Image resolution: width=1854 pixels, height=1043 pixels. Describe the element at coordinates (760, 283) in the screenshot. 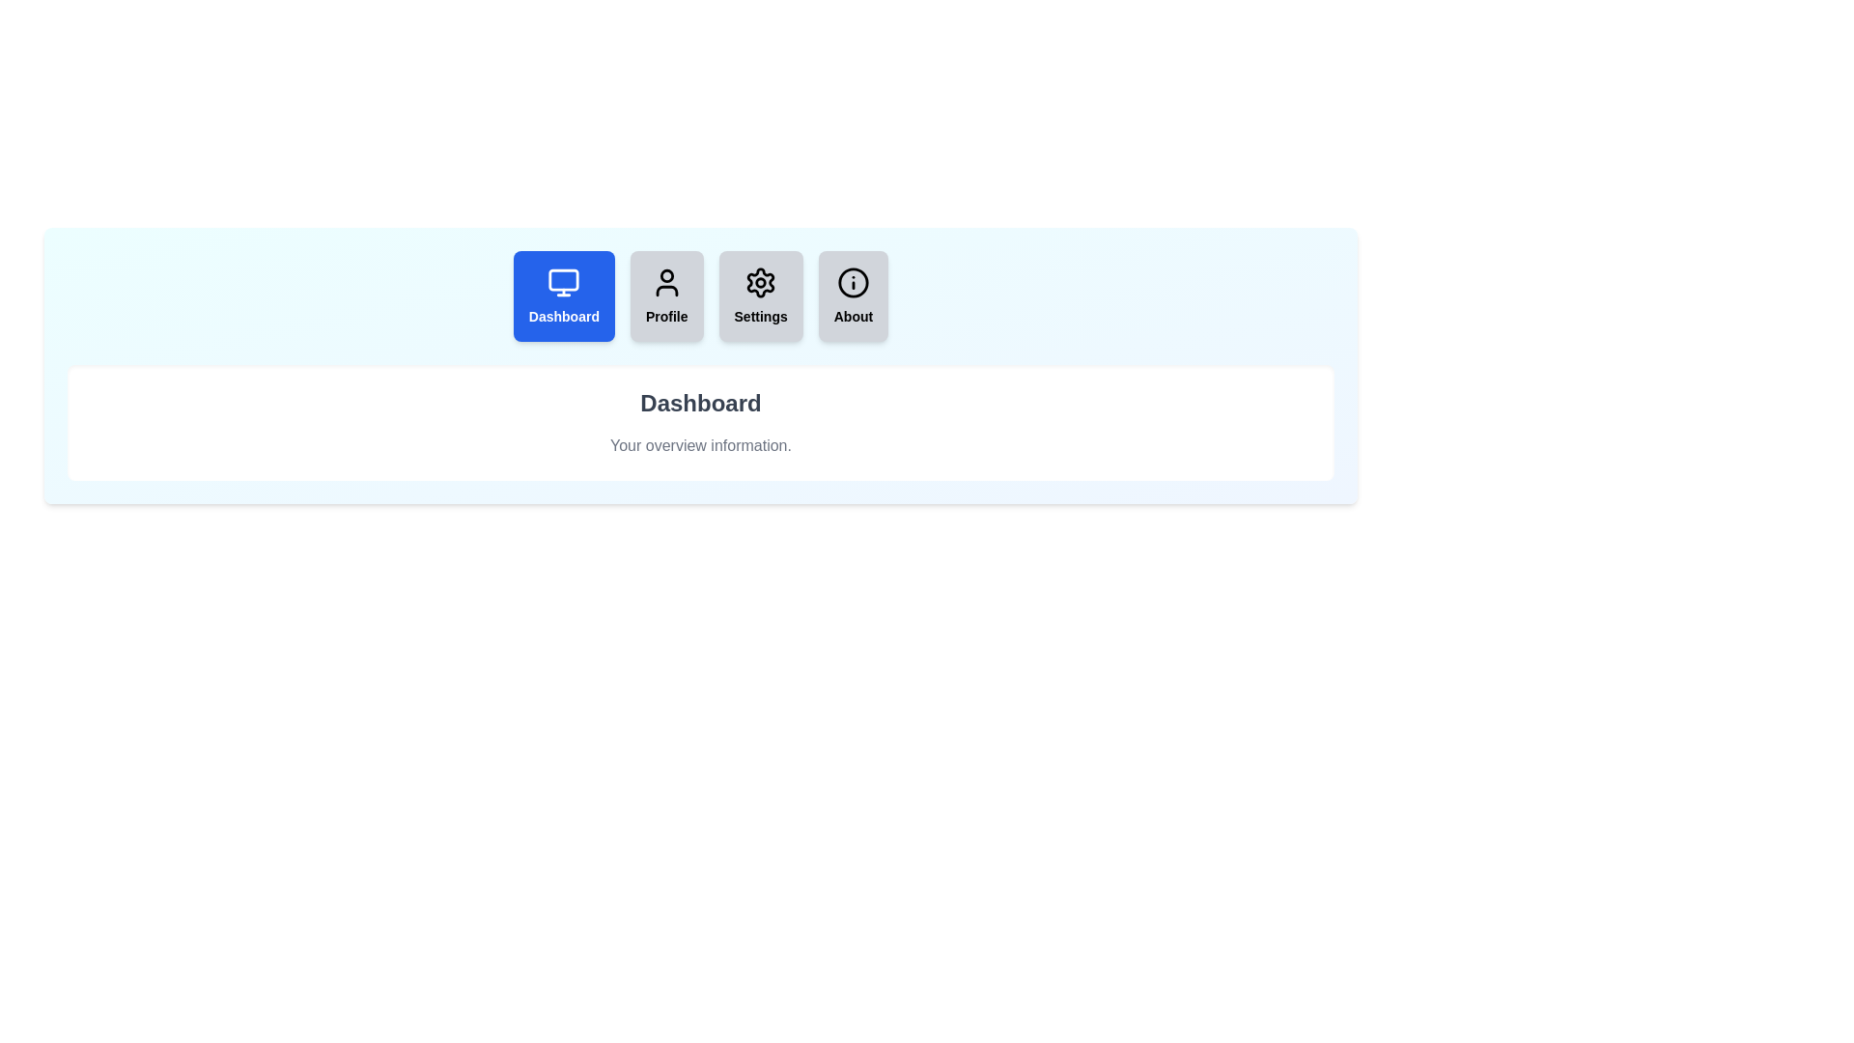

I see `the icon in the Settings tab` at that location.